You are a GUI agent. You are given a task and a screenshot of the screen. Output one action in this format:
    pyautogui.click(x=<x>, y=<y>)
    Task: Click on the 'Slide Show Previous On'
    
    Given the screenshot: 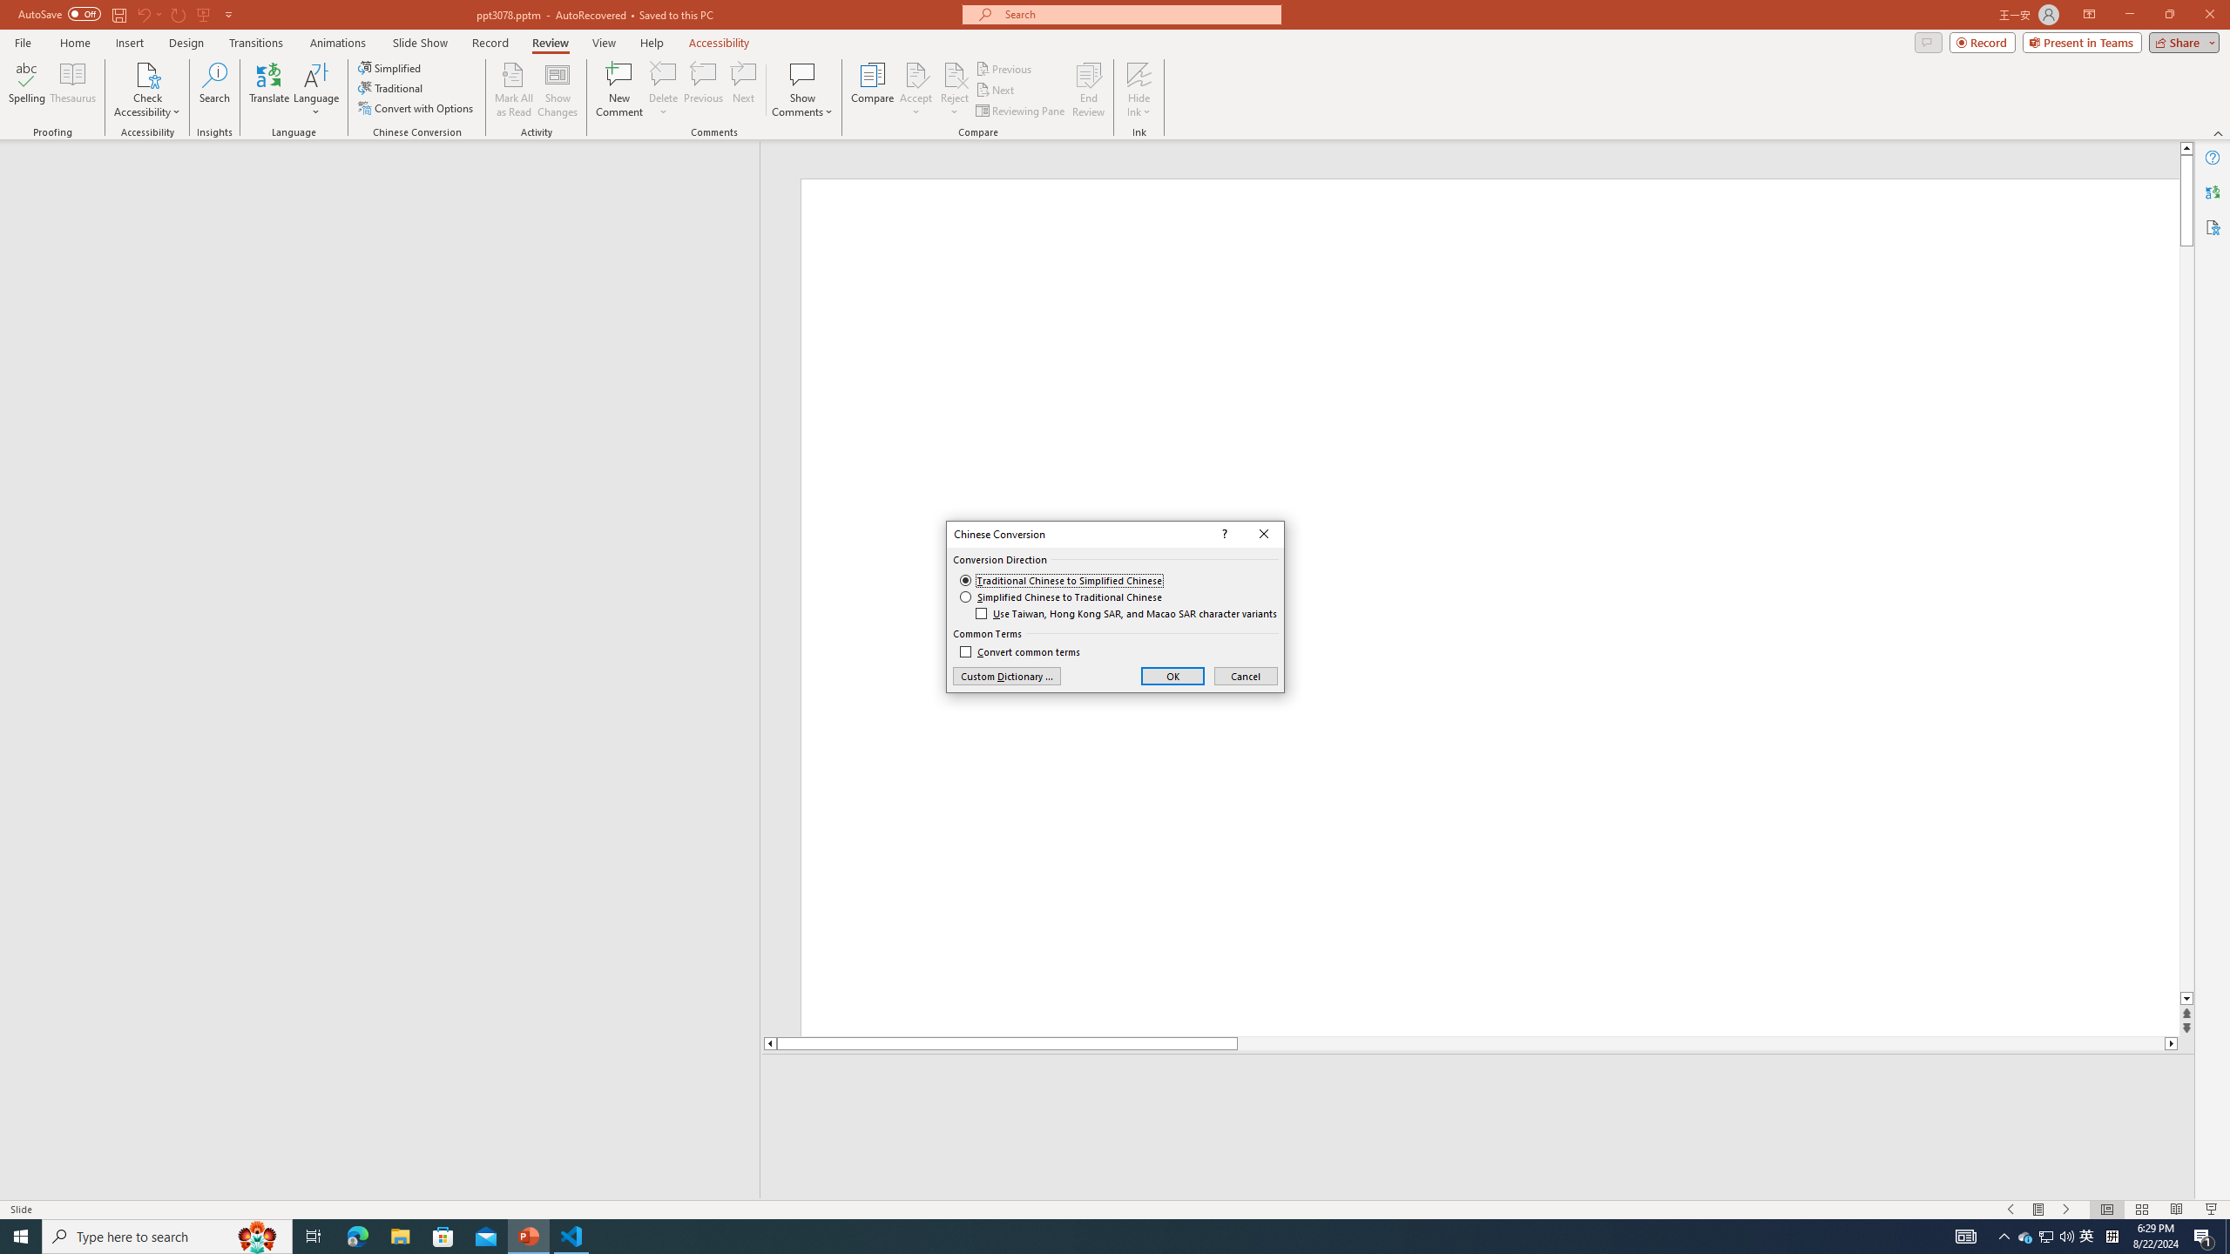 What is the action you would take?
    pyautogui.click(x=2010, y=1210)
    